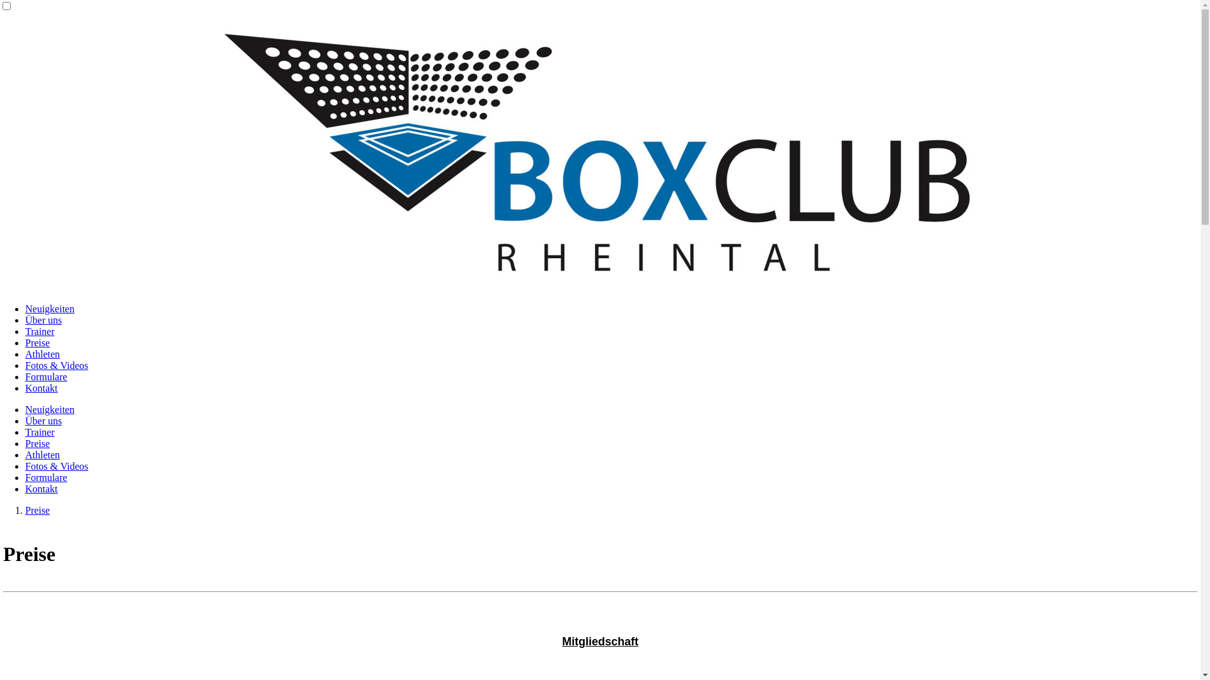  Describe the element at coordinates (56, 466) in the screenshot. I see `'Fotos & Videos'` at that location.